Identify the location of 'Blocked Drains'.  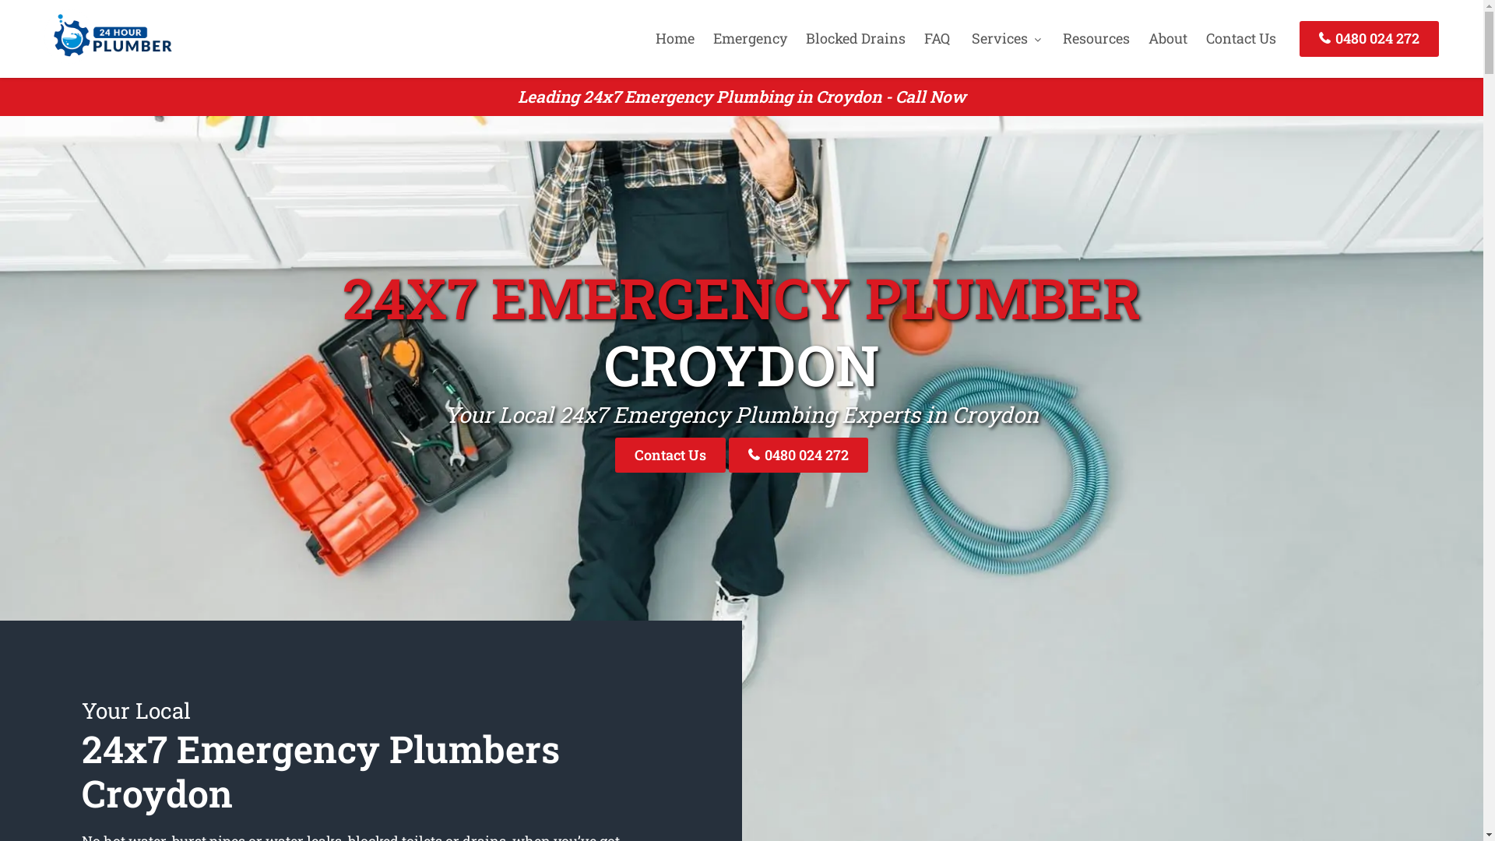
(855, 37).